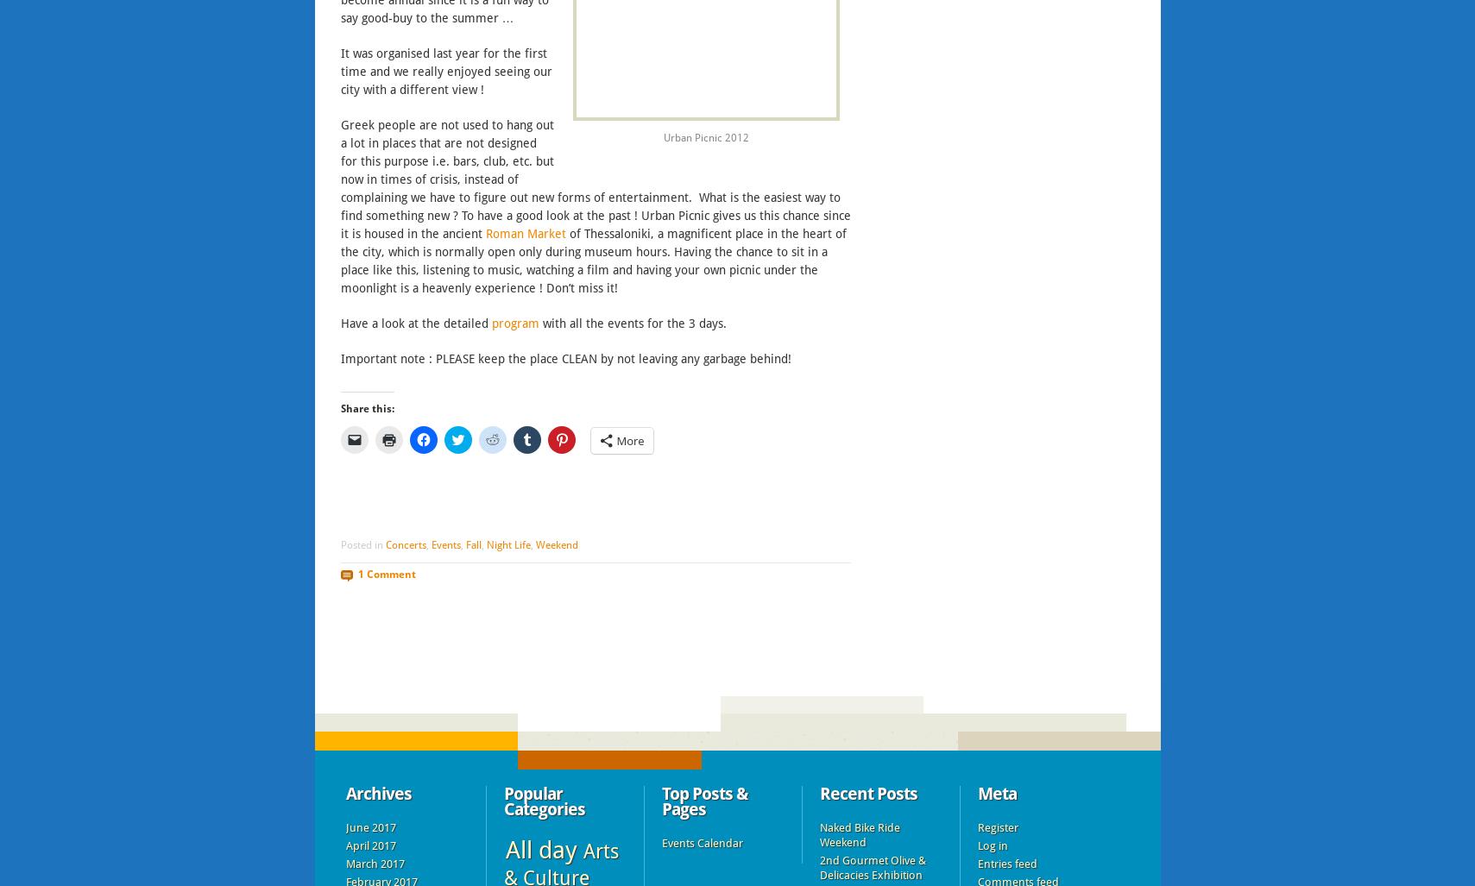 The height and width of the screenshot is (886, 1475). What do you see at coordinates (629, 441) in the screenshot?
I see `'More'` at bounding box center [629, 441].